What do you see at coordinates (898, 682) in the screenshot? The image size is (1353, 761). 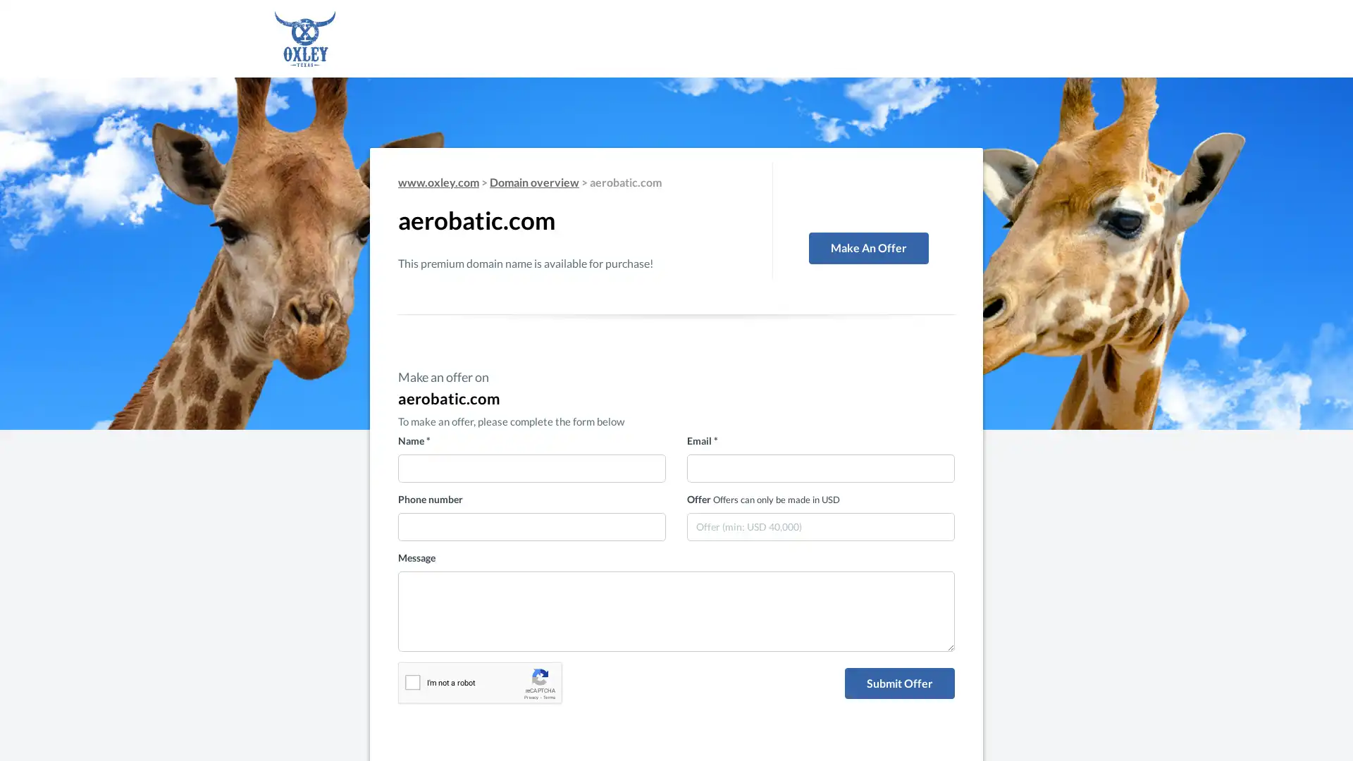 I see `Submit offer` at bounding box center [898, 682].